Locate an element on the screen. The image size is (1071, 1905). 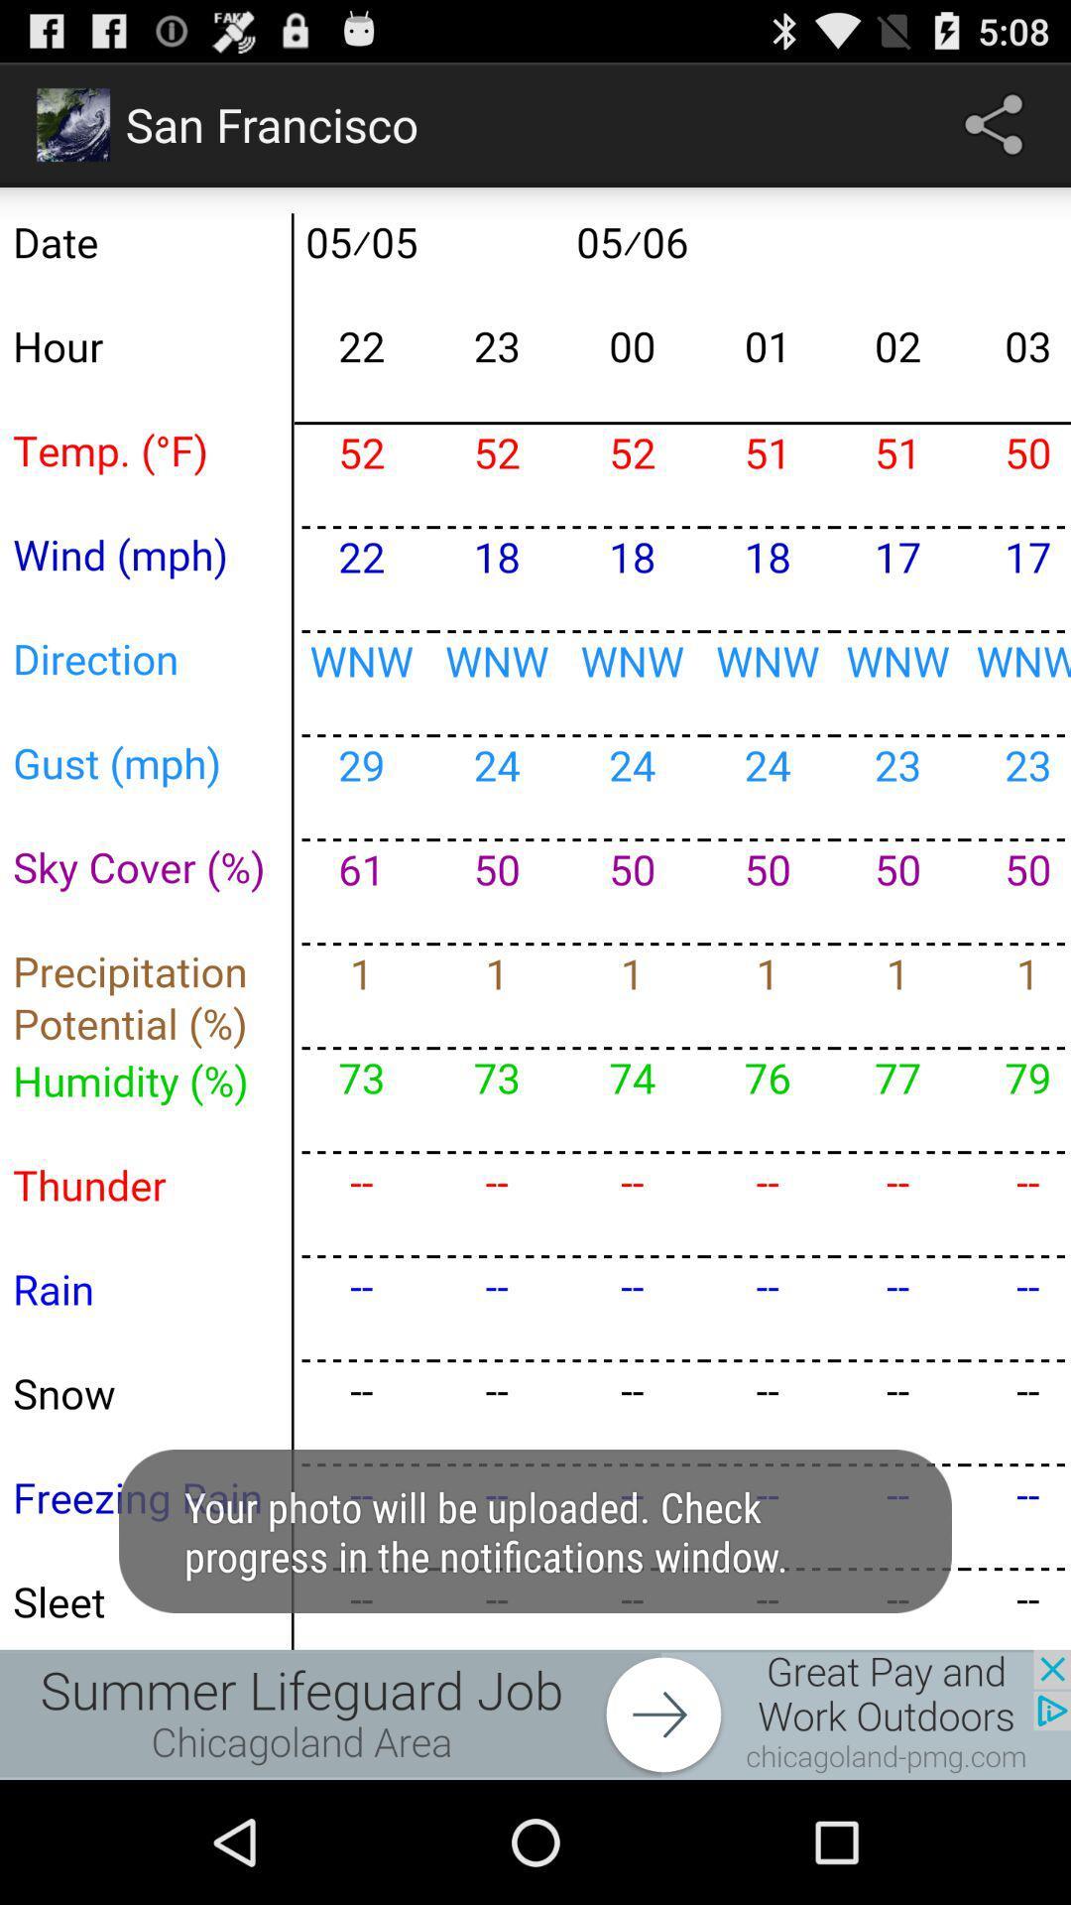
this site is located at coordinates (535, 1714).